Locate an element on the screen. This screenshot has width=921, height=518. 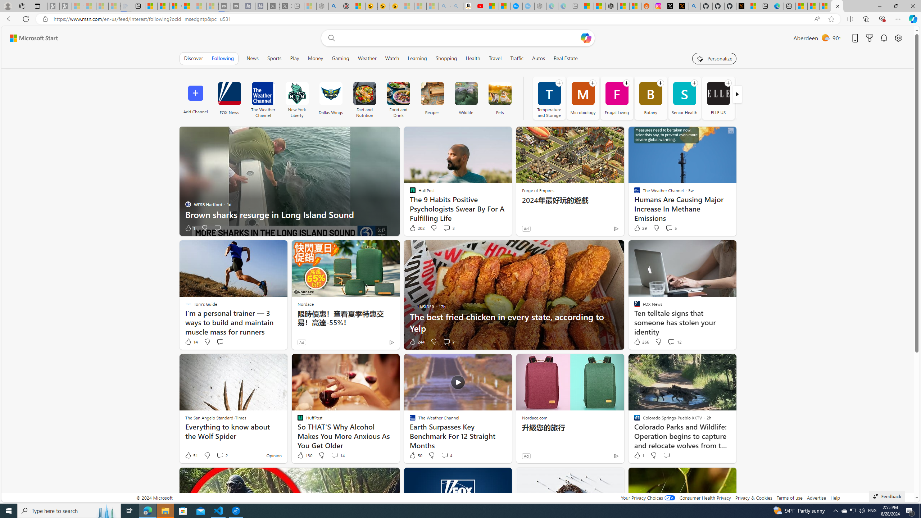
'50 Like' is located at coordinates (415, 455).